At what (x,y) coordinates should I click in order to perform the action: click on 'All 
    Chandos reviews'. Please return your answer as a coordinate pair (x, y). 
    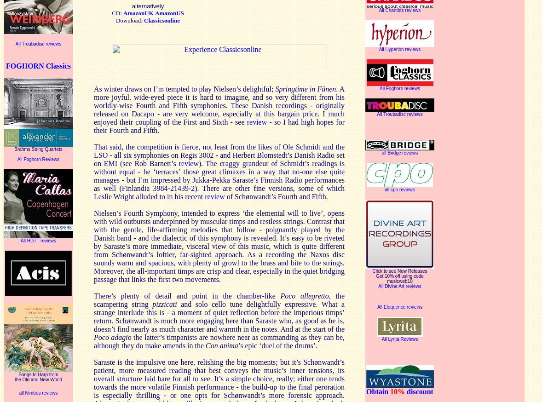
    Looking at the image, I should click on (399, 9).